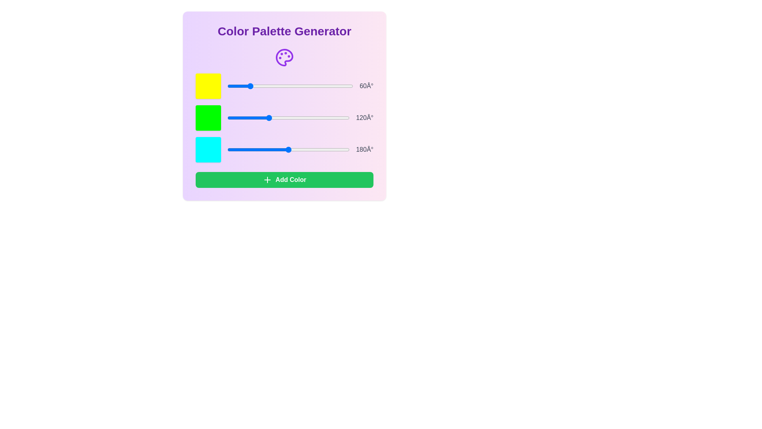 Image resolution: width=762 pixels, height=429 pixels. Describe the element at coordinates (233, 86) in the screenshot. I see `the color slider to set the hue to 19` at that location.